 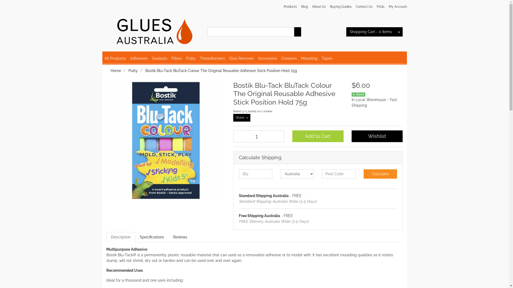 What do you see at coordinates (290, 6) in the screenshot?
I see `'Products'` at bounding box center [290, 6].